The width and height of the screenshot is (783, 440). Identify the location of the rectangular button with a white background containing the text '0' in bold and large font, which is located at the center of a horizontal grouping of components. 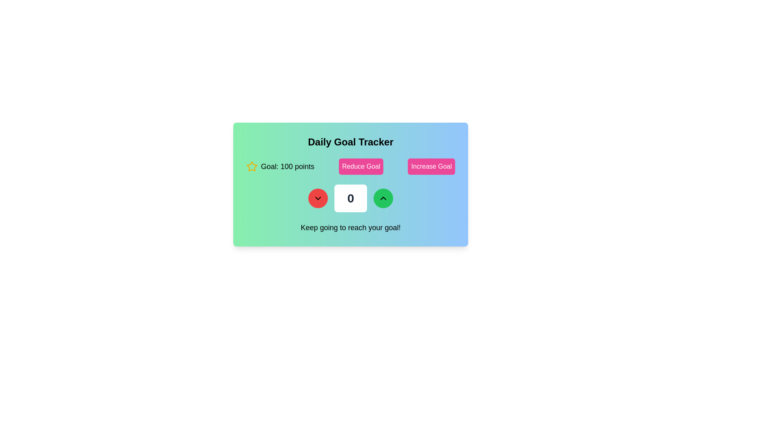
(350, 198).